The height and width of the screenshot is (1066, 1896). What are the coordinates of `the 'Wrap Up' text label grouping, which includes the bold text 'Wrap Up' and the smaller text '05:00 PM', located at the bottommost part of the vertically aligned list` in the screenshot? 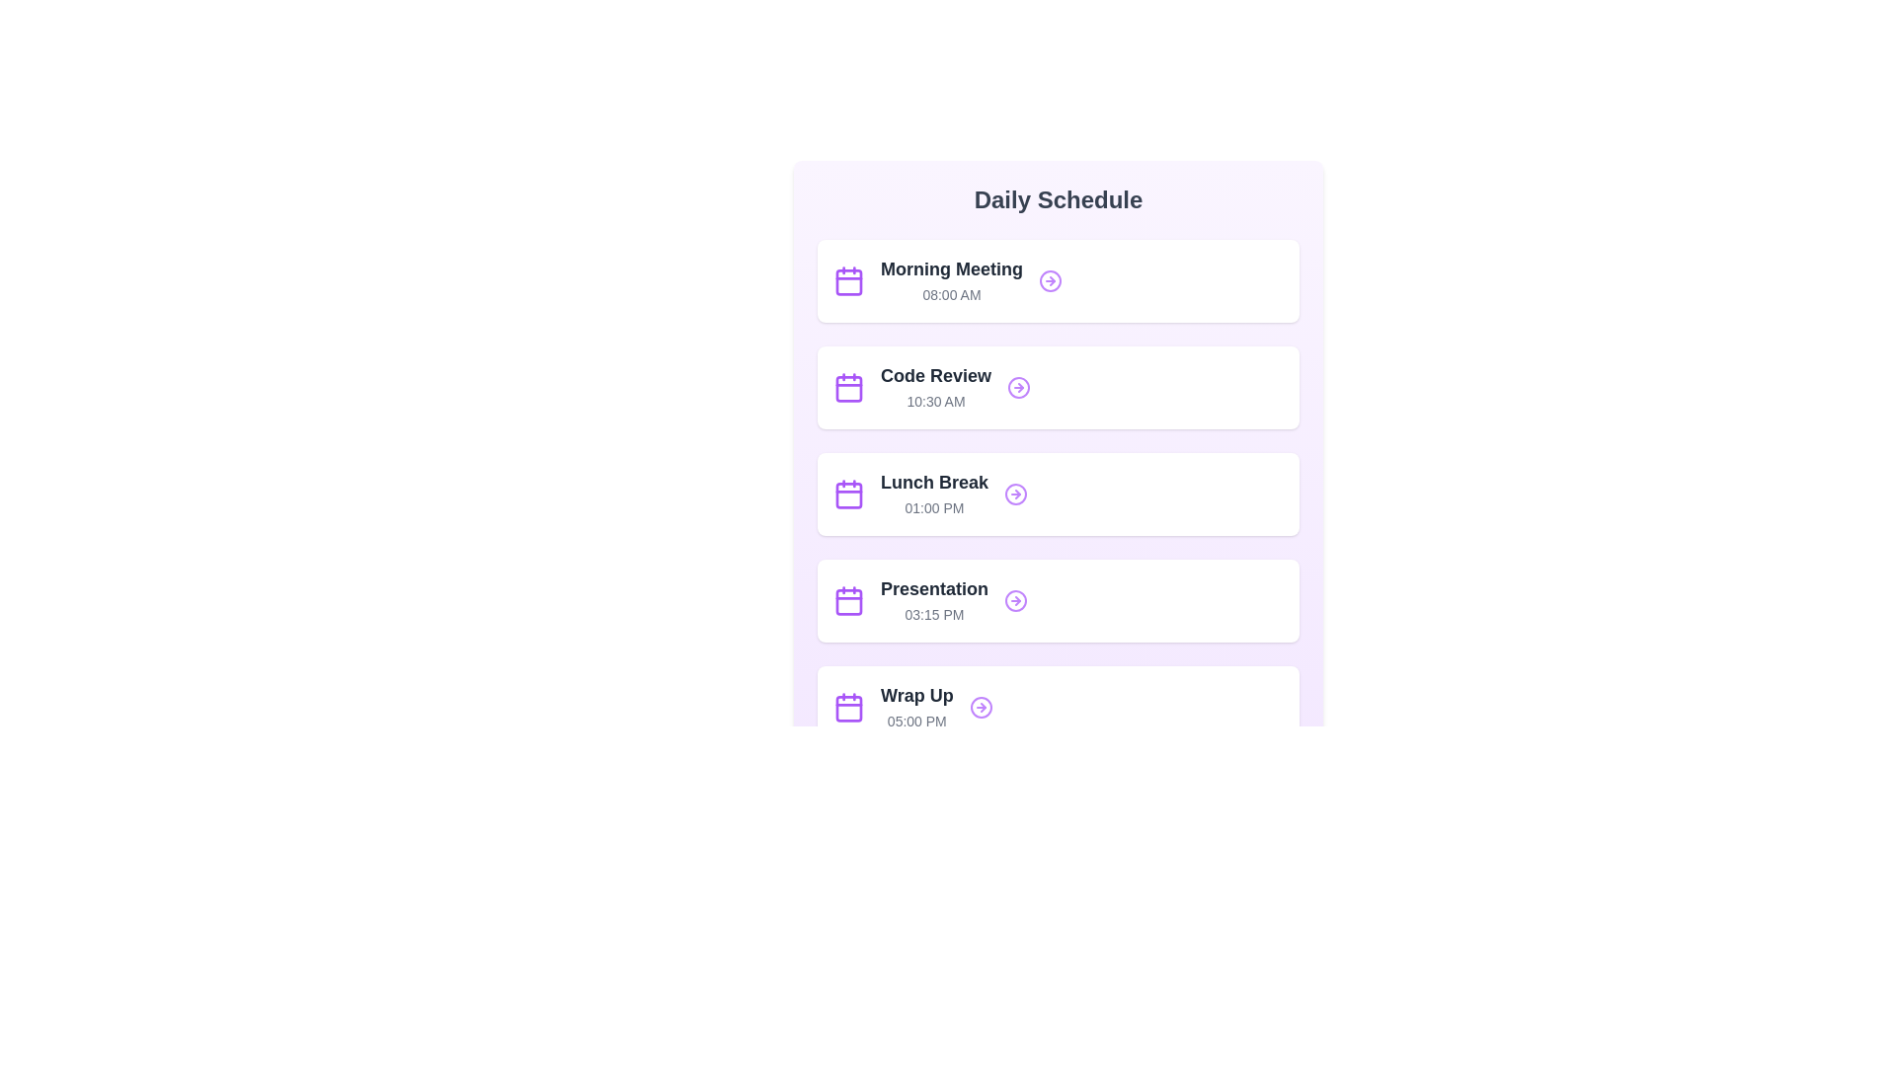 It's located at (915, 707).